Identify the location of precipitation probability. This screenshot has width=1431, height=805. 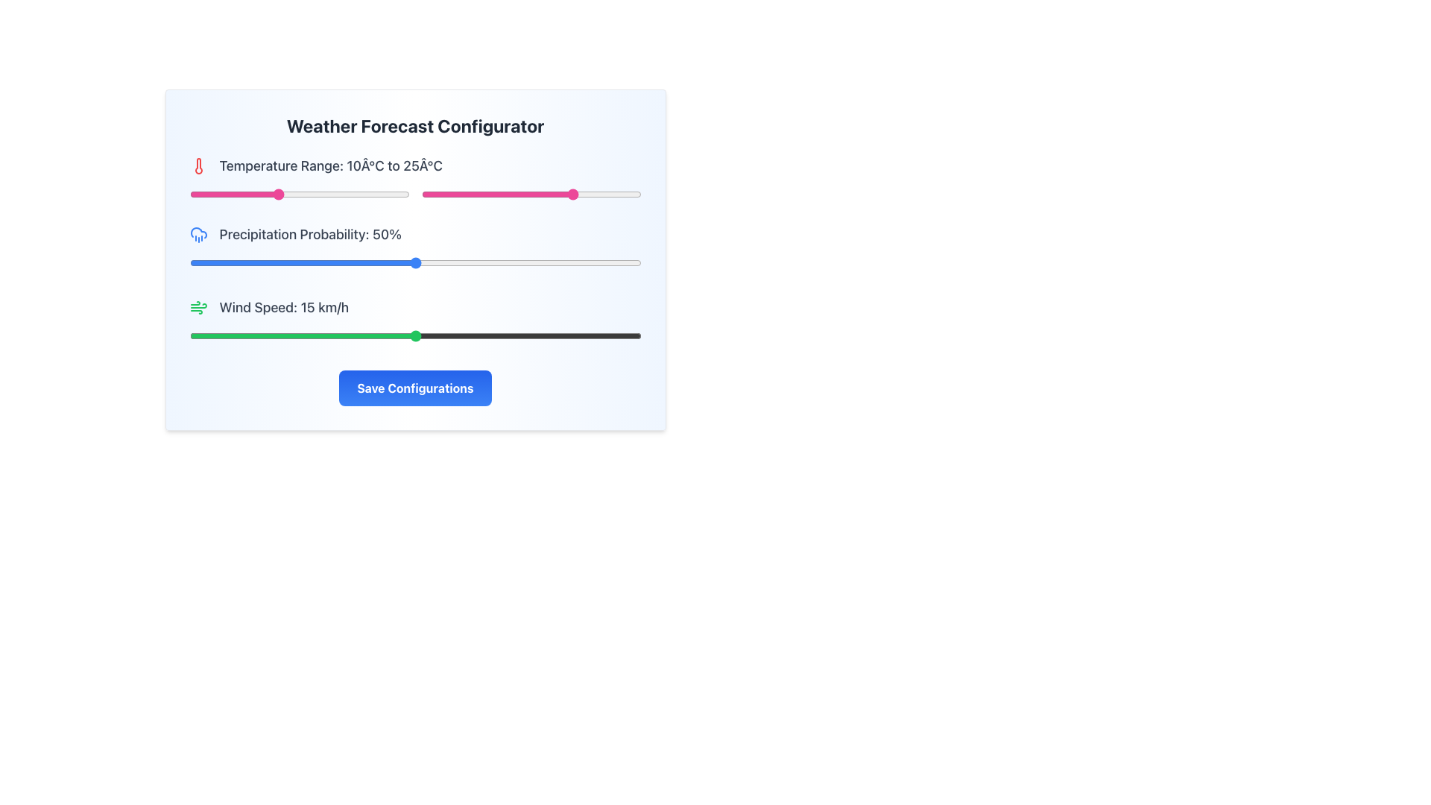
(510, 262).